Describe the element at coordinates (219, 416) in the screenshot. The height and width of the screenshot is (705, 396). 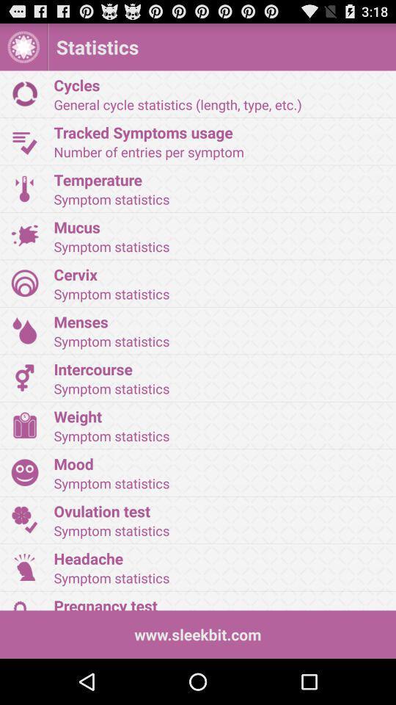
I see `item below symptom statistics` at that location.